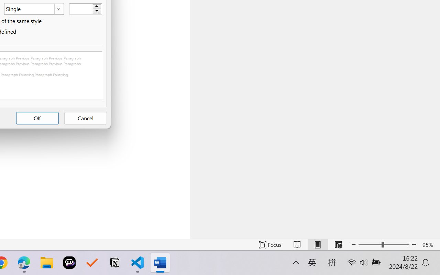 This screenshot has width=440, height=275. Describe the element at coordinates (81, 9) in the screenshot. I see `'RichEdit Control'` at that location.